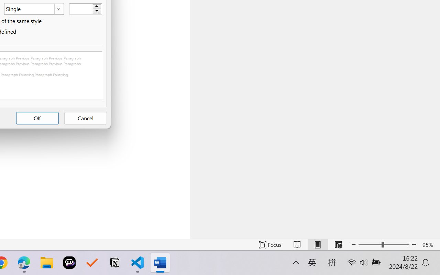 This screenshot has width=440, height=275. Describe the element at coordinates (81, 9) in the screenshot. I see `'RichEdit Control'` at that location.